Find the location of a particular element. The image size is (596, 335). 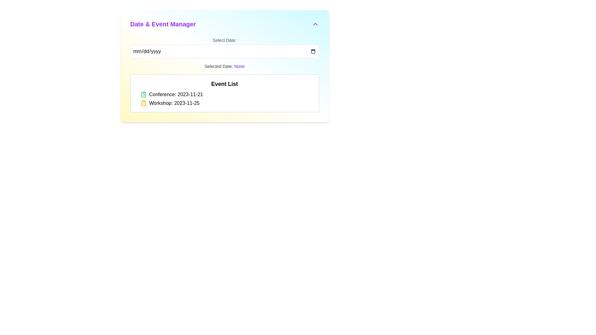

the read-only text label displaying the current state of 'Selected Date' located to the right of 'Selected Date:' in the 'Date & Event Manager' section is located at coordinates (239, 66).